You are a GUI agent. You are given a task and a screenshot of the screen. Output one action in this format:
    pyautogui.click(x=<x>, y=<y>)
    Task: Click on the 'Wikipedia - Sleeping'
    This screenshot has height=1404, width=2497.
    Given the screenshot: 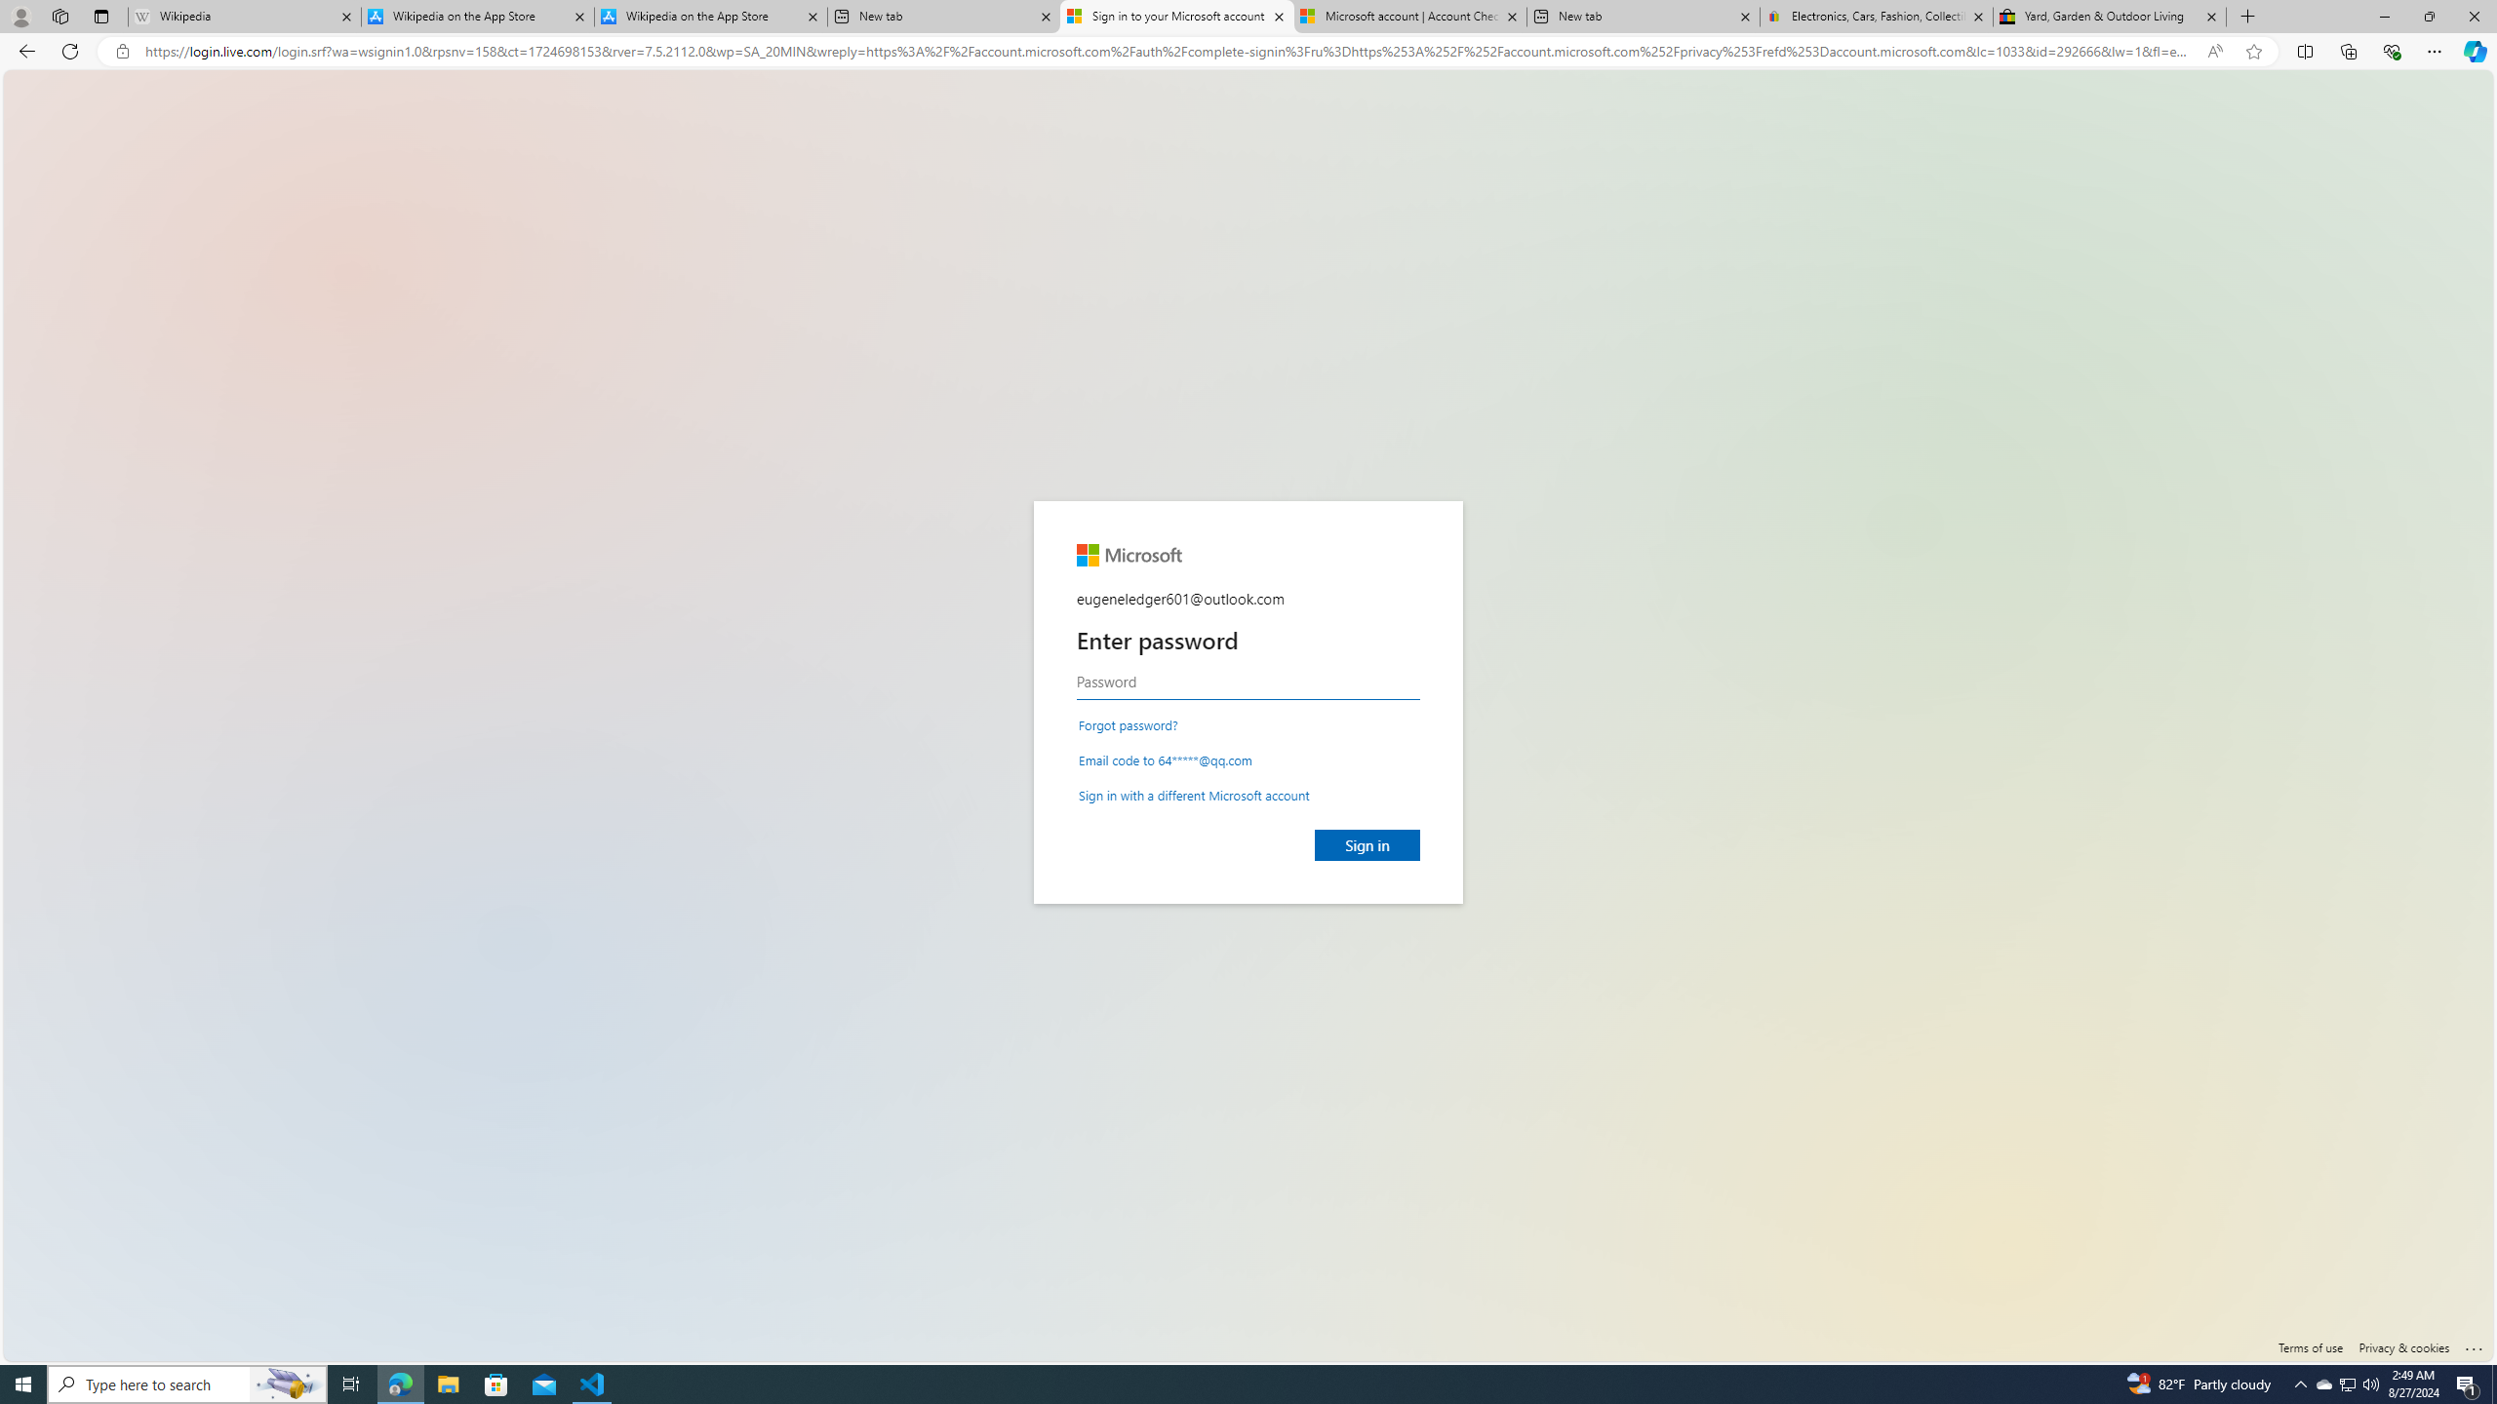 What is the action you would take?
    pyautogui.click(x=243, y=16)
    